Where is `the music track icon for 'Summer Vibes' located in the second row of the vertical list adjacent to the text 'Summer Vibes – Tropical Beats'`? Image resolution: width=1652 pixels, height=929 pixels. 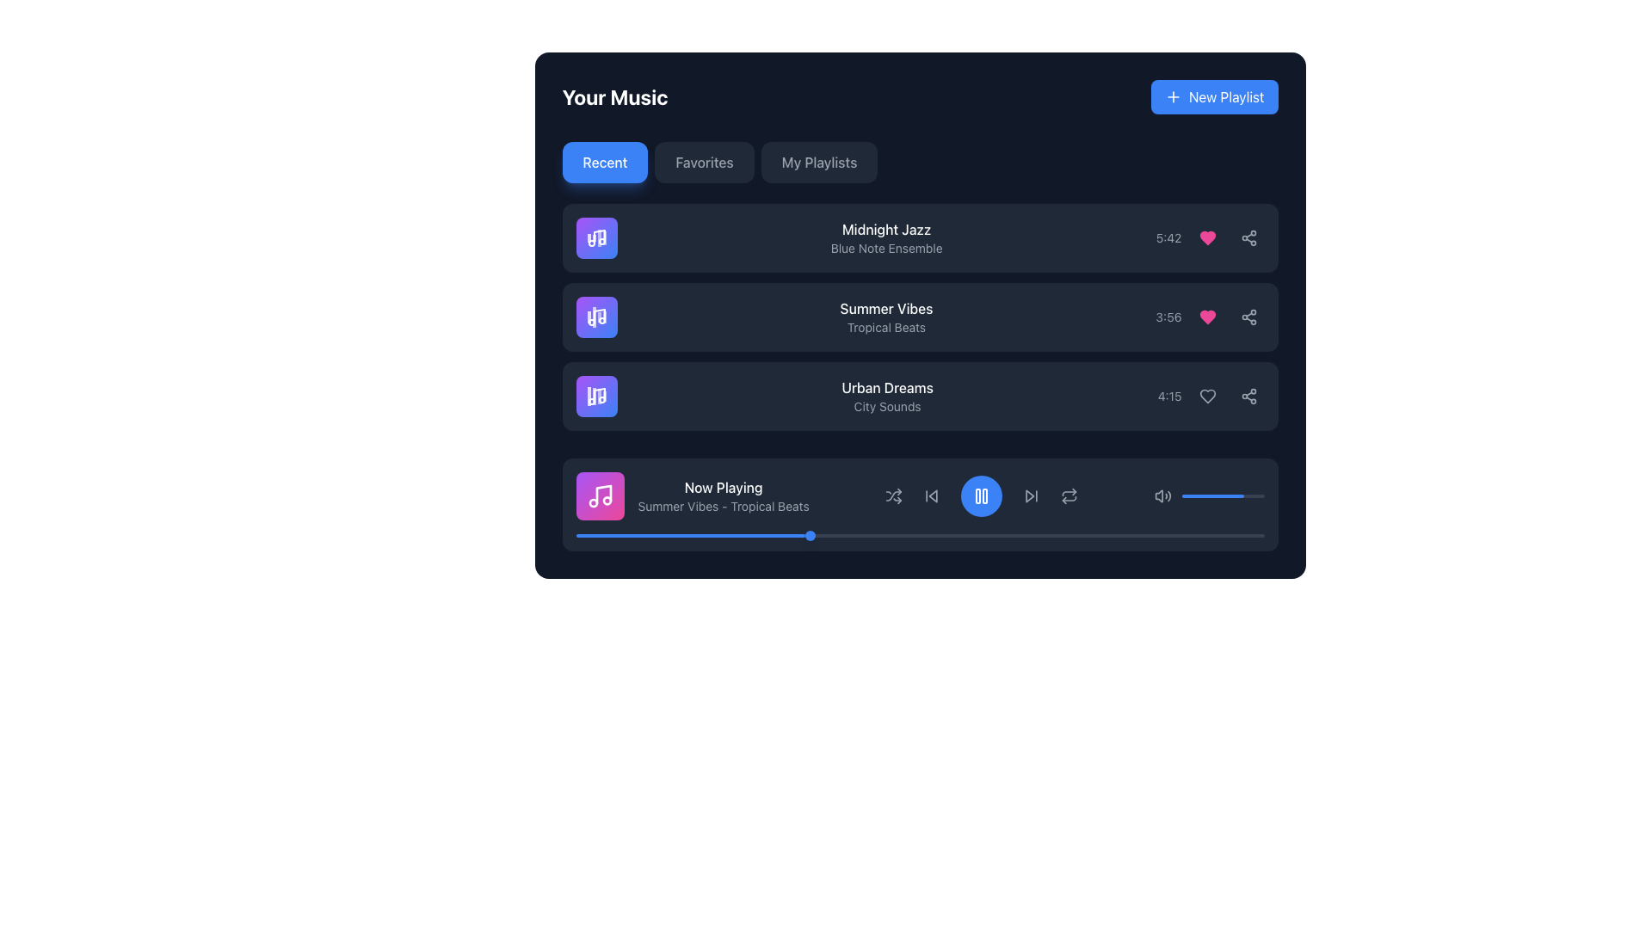 the music track icon for 'Summer Vibes' located in the second row of the vertical list adjacent to the text 'Summer Vibes – Tropical Beats' is located at coordinates (596, 317).